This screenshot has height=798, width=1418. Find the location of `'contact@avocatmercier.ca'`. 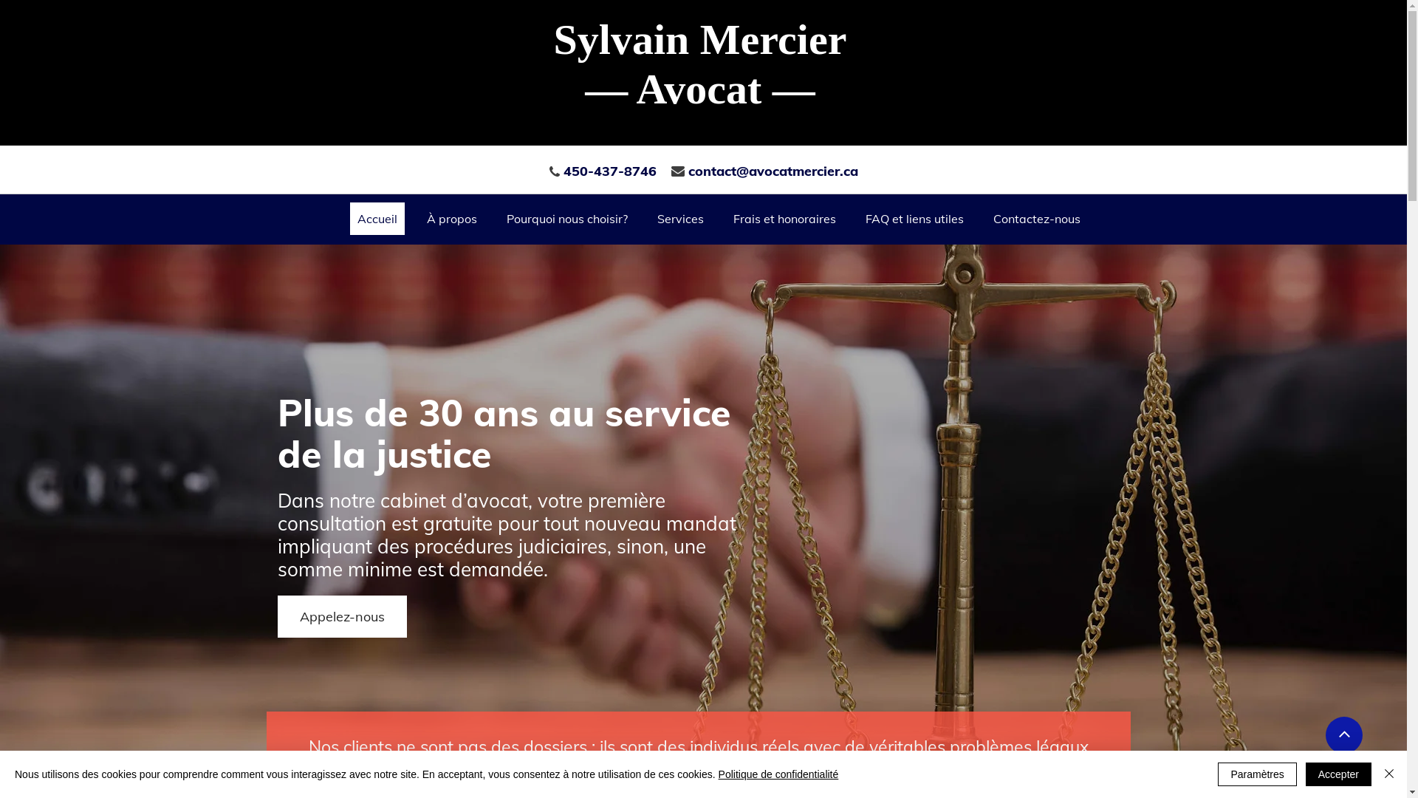

'contact@avocatmercier.ca' is located at coordinates (772, 170).